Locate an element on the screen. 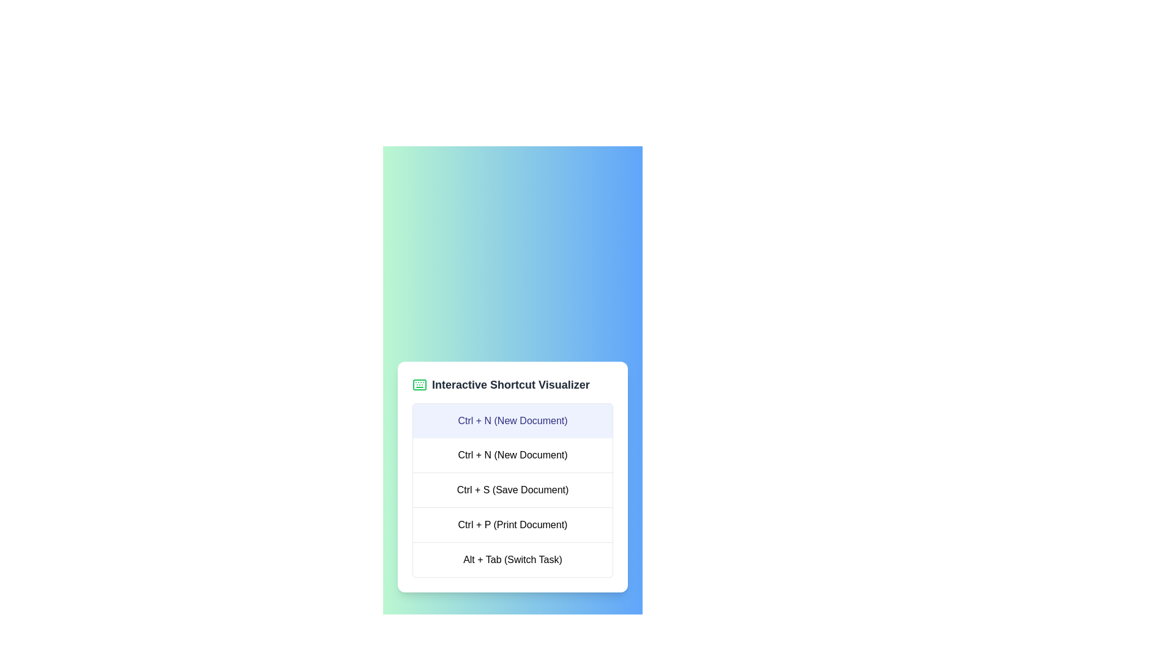 The height and width of the screenshot is (661, 1175). the text display labeled 'Ctrl + N (New Document)', which is the second entry in a list of keyboard shortcuts is located at coordinates (513, 455).